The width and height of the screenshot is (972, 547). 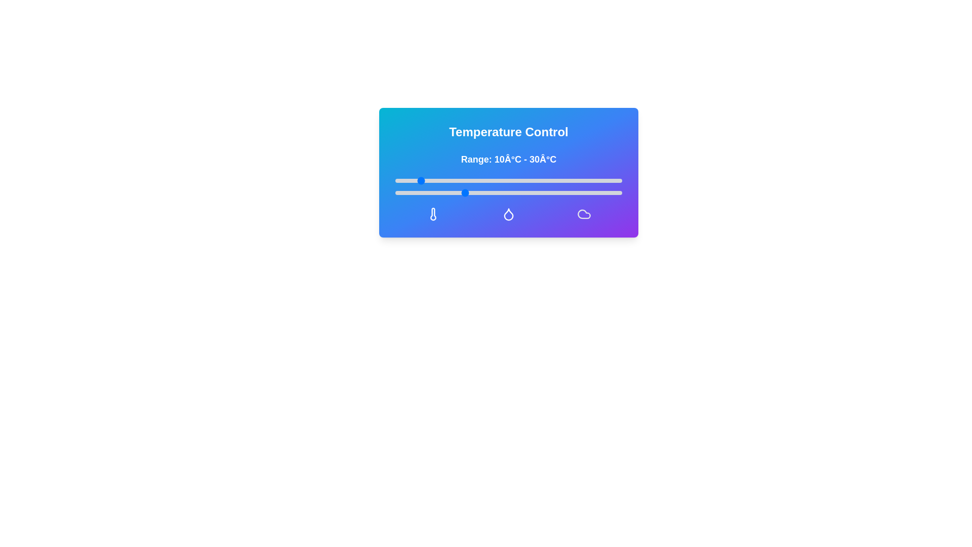 I want to click on the slider, so click(x=590, y=193).